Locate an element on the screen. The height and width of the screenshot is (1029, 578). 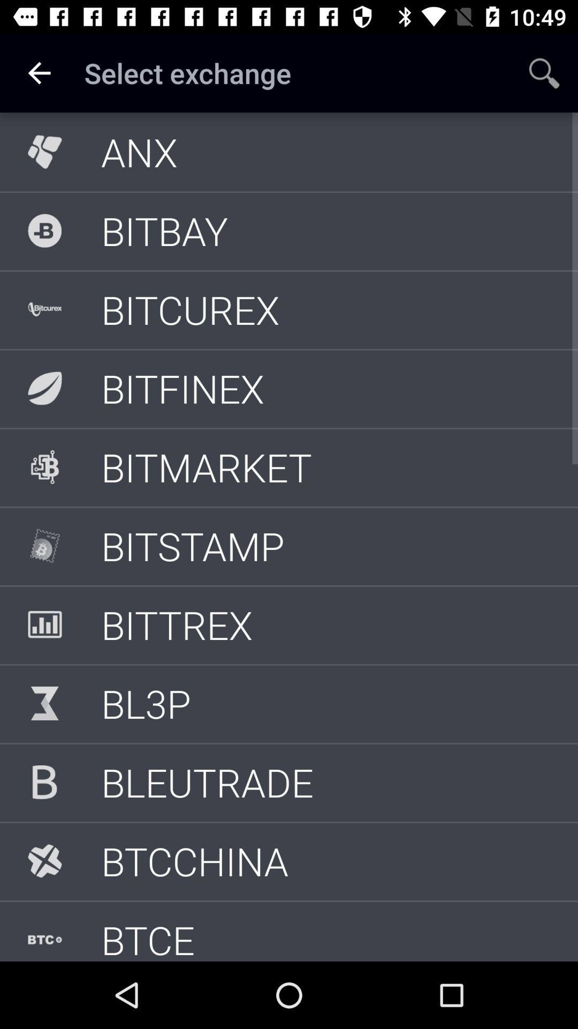
icon next to the select exchange icon is located at coordinates (39, 72).